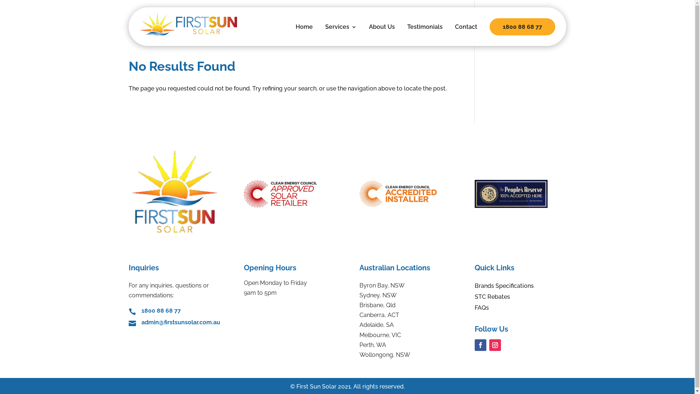 The width and height of the screenshot is (700, 394). Describe the element at coordinates (160, 310) in the screenshot. I see `'1800 88 68 77'` at that location.